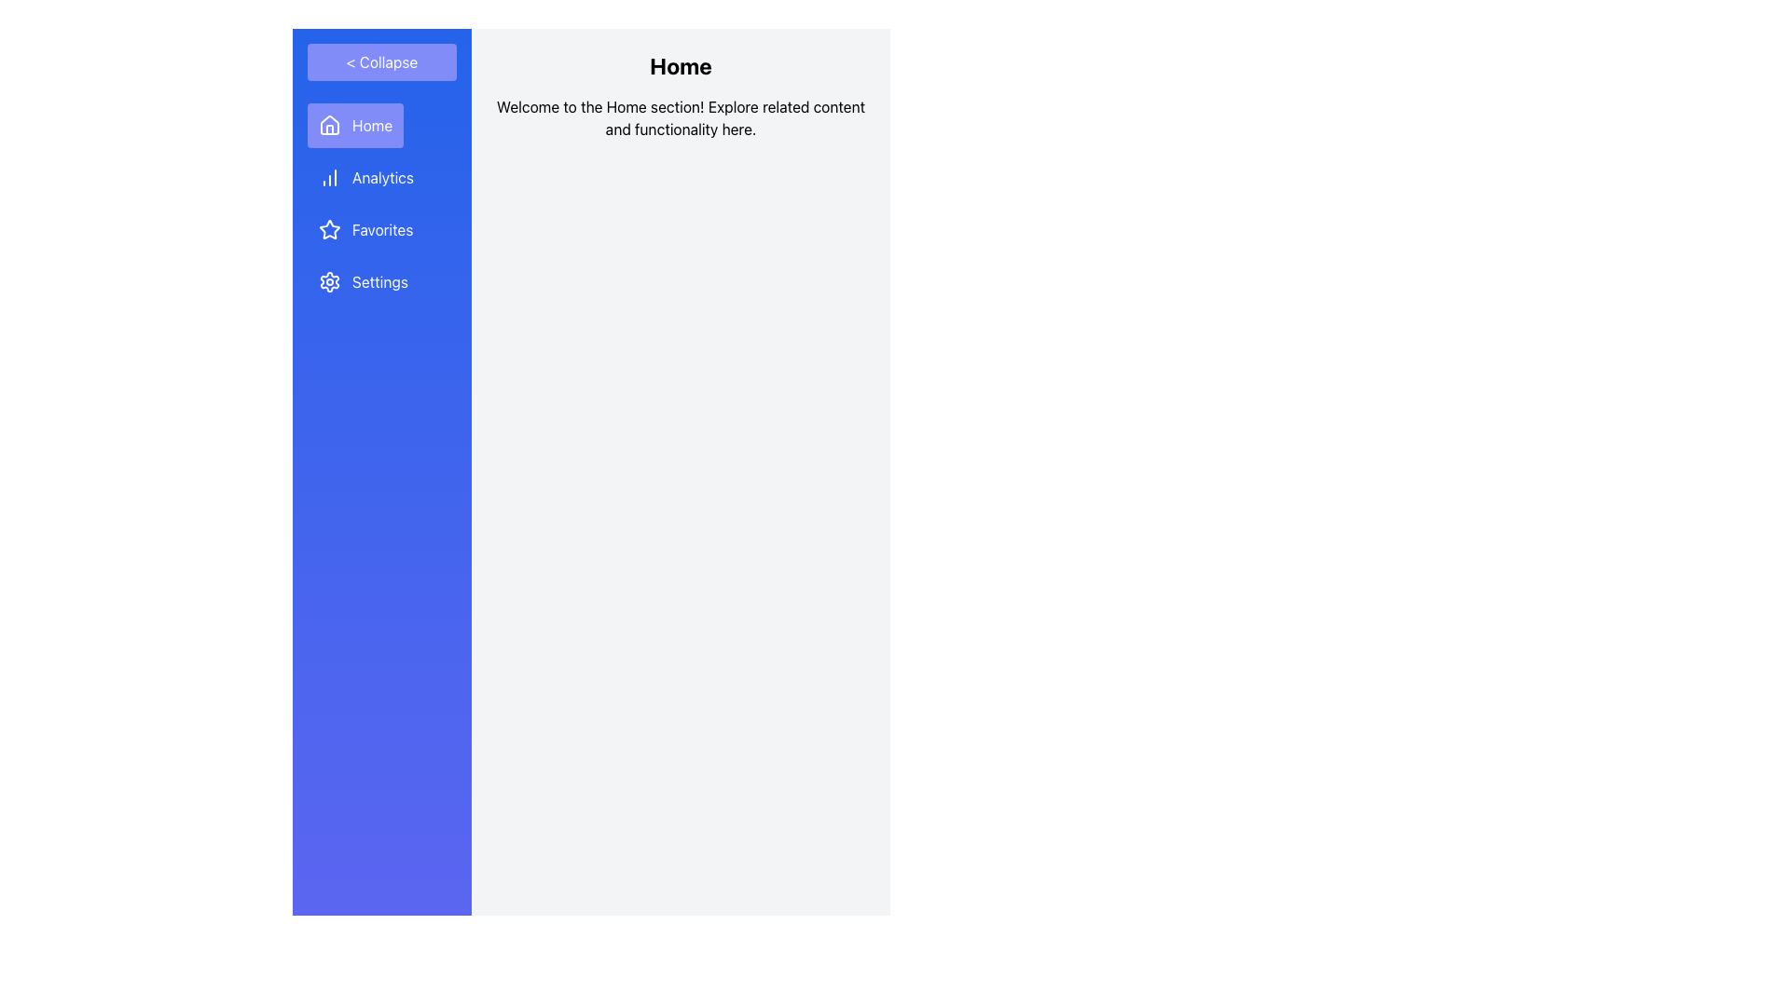 The image size is (1790, 1006). I want to click on the Text Block that reads 'Welcome to the Home section! Explore related content and functionality here.', which is located immediately below the 'Home' header and centered in the content area, so click(680, 118).